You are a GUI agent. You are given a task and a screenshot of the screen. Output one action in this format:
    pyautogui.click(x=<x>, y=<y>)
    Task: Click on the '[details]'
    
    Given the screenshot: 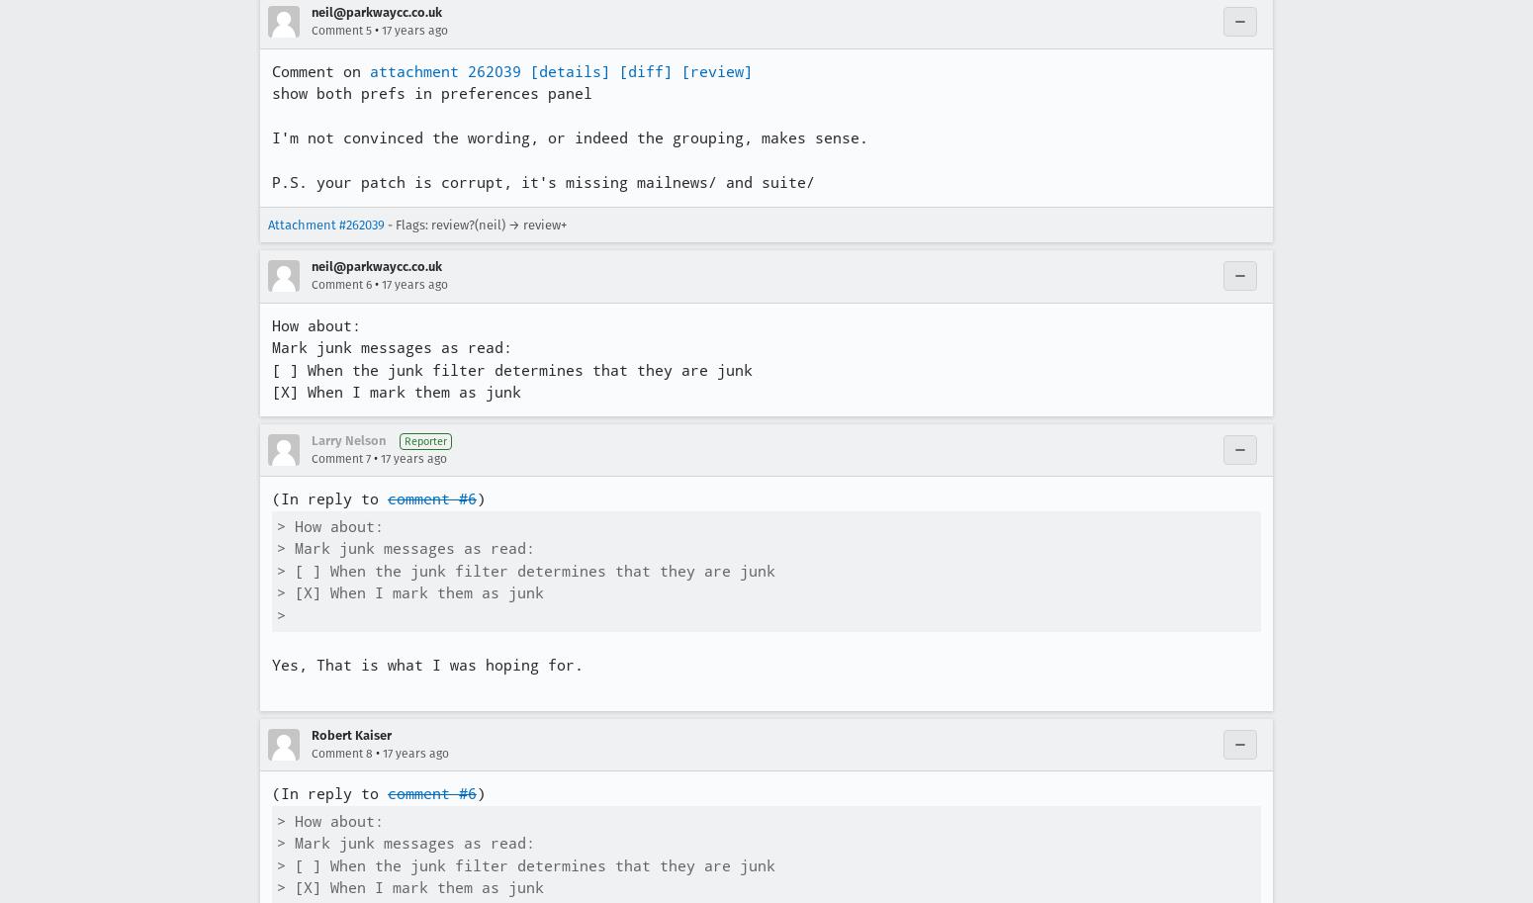 What is the action you would take?
    pyautogui.click(x=570, y=70)
    